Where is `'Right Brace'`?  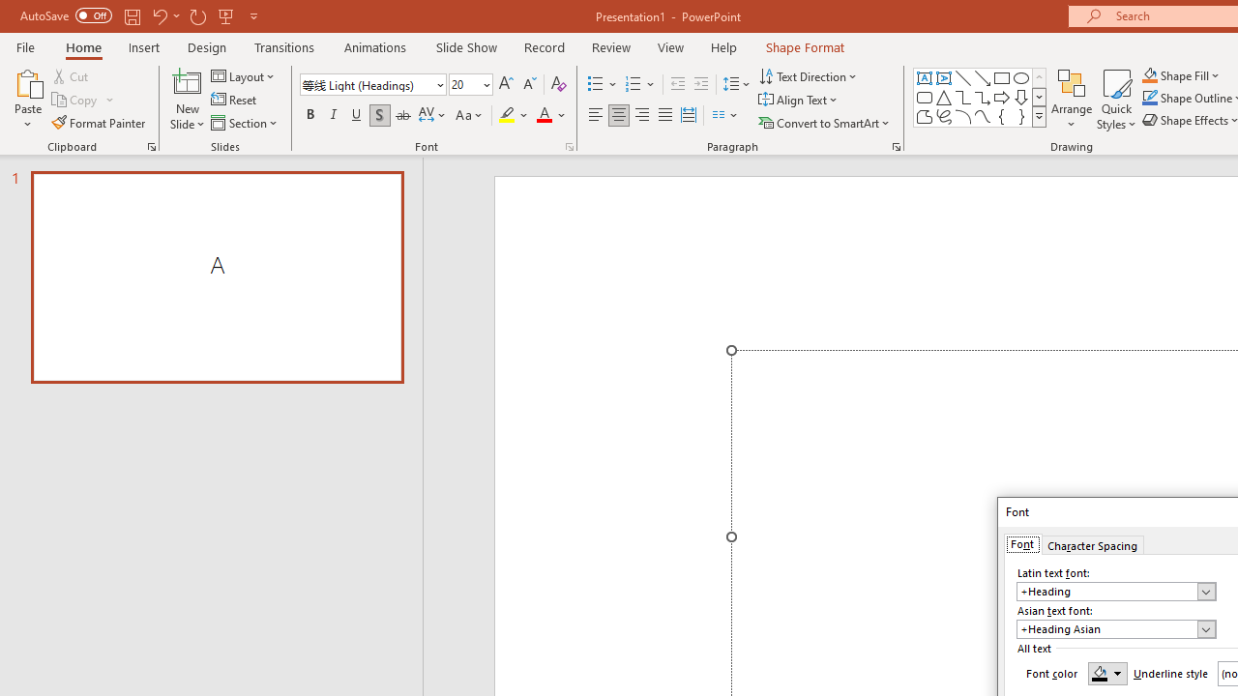 'Right Brace' is located at coordinates (1020, 116).